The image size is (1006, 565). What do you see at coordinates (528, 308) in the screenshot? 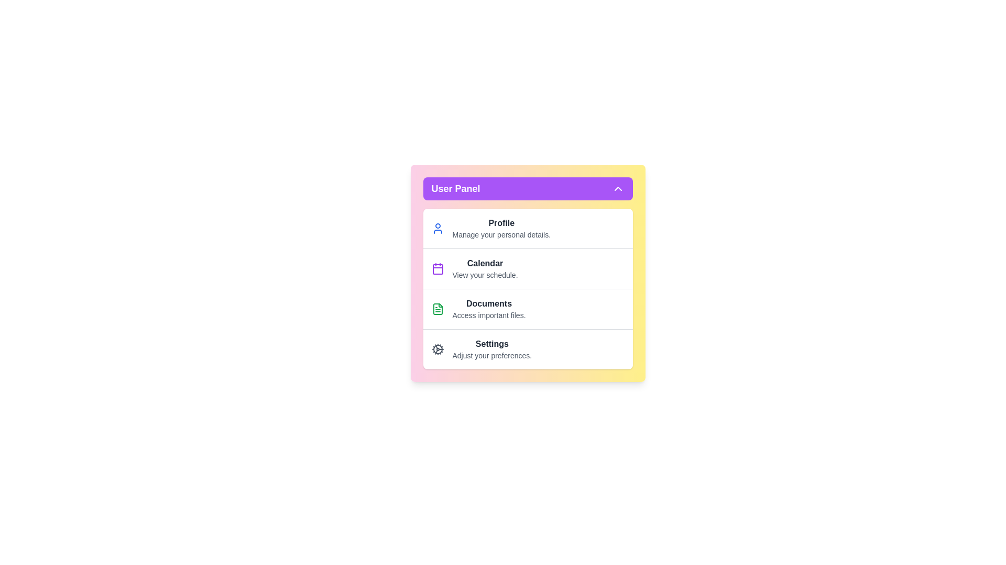
I see `the third item in the 'User Panel' list, which guides users to their important documents and files` at bounding box center [528, 308].